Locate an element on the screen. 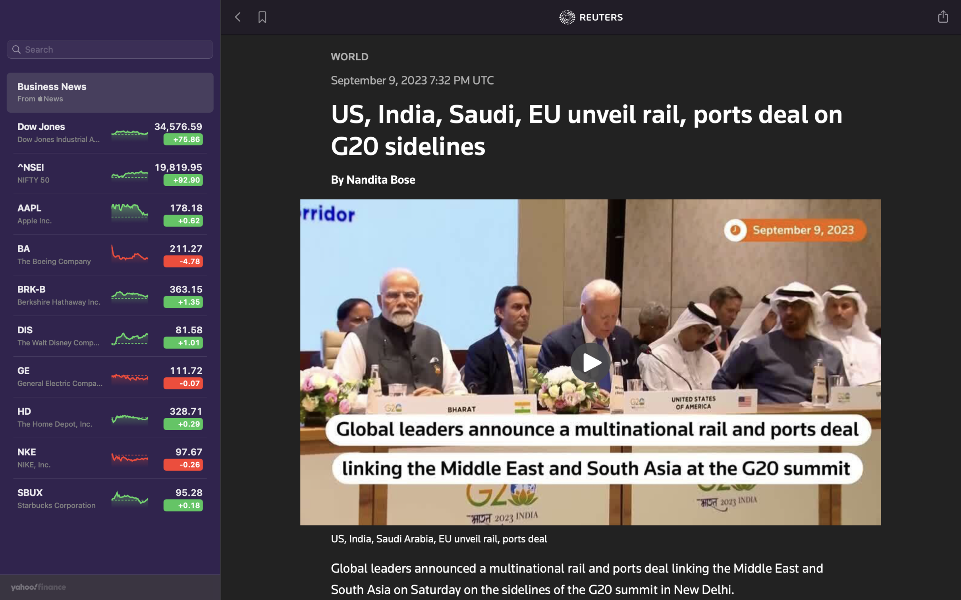 The image size is (961, 600). Post the current news on your Twitter account is located at coordinates (944, 15).